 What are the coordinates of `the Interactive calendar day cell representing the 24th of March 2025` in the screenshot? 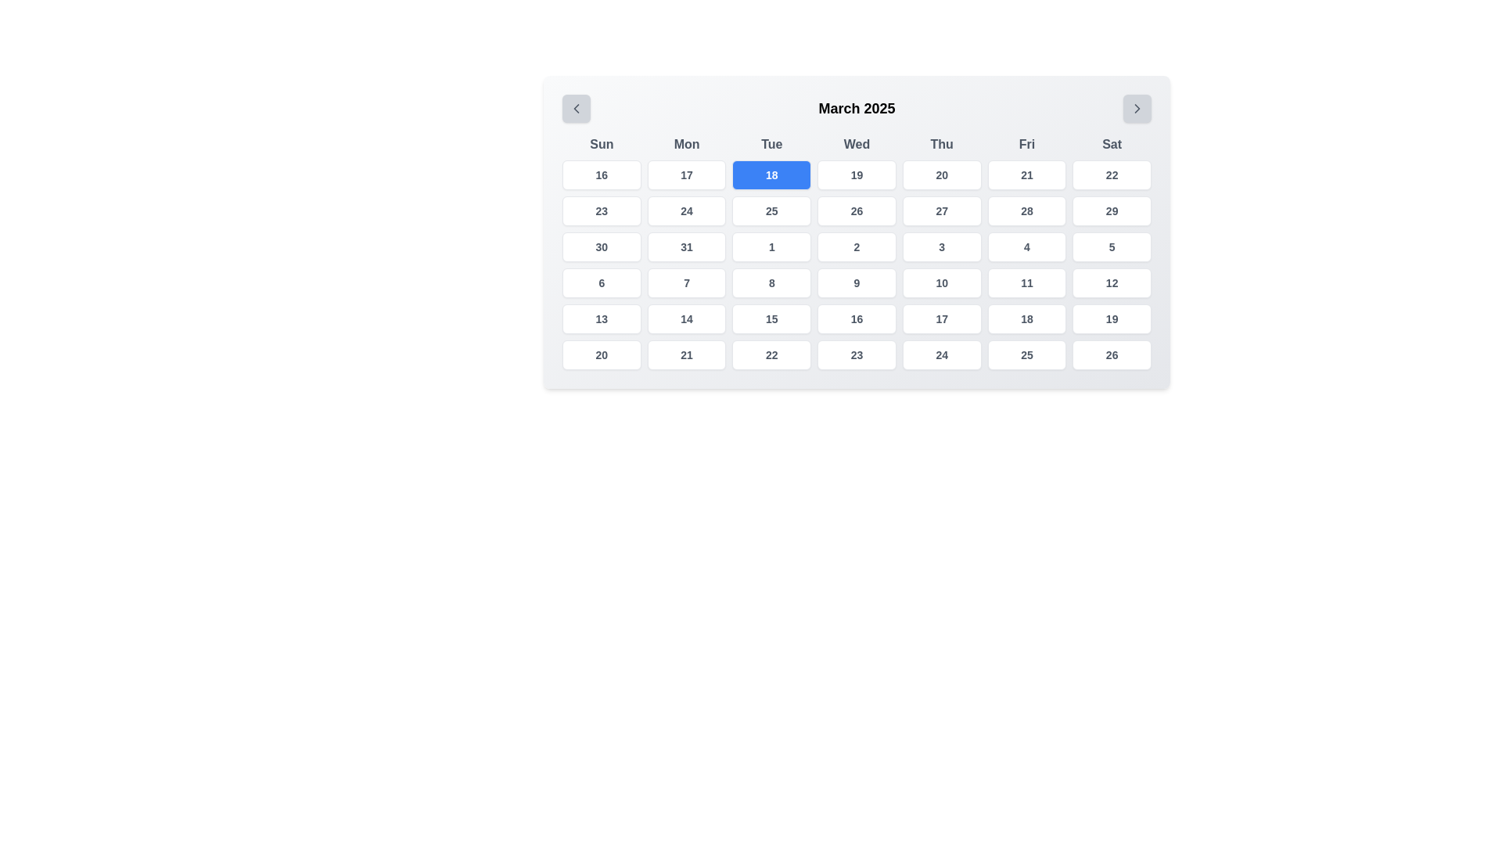 It's located at (687, 211).